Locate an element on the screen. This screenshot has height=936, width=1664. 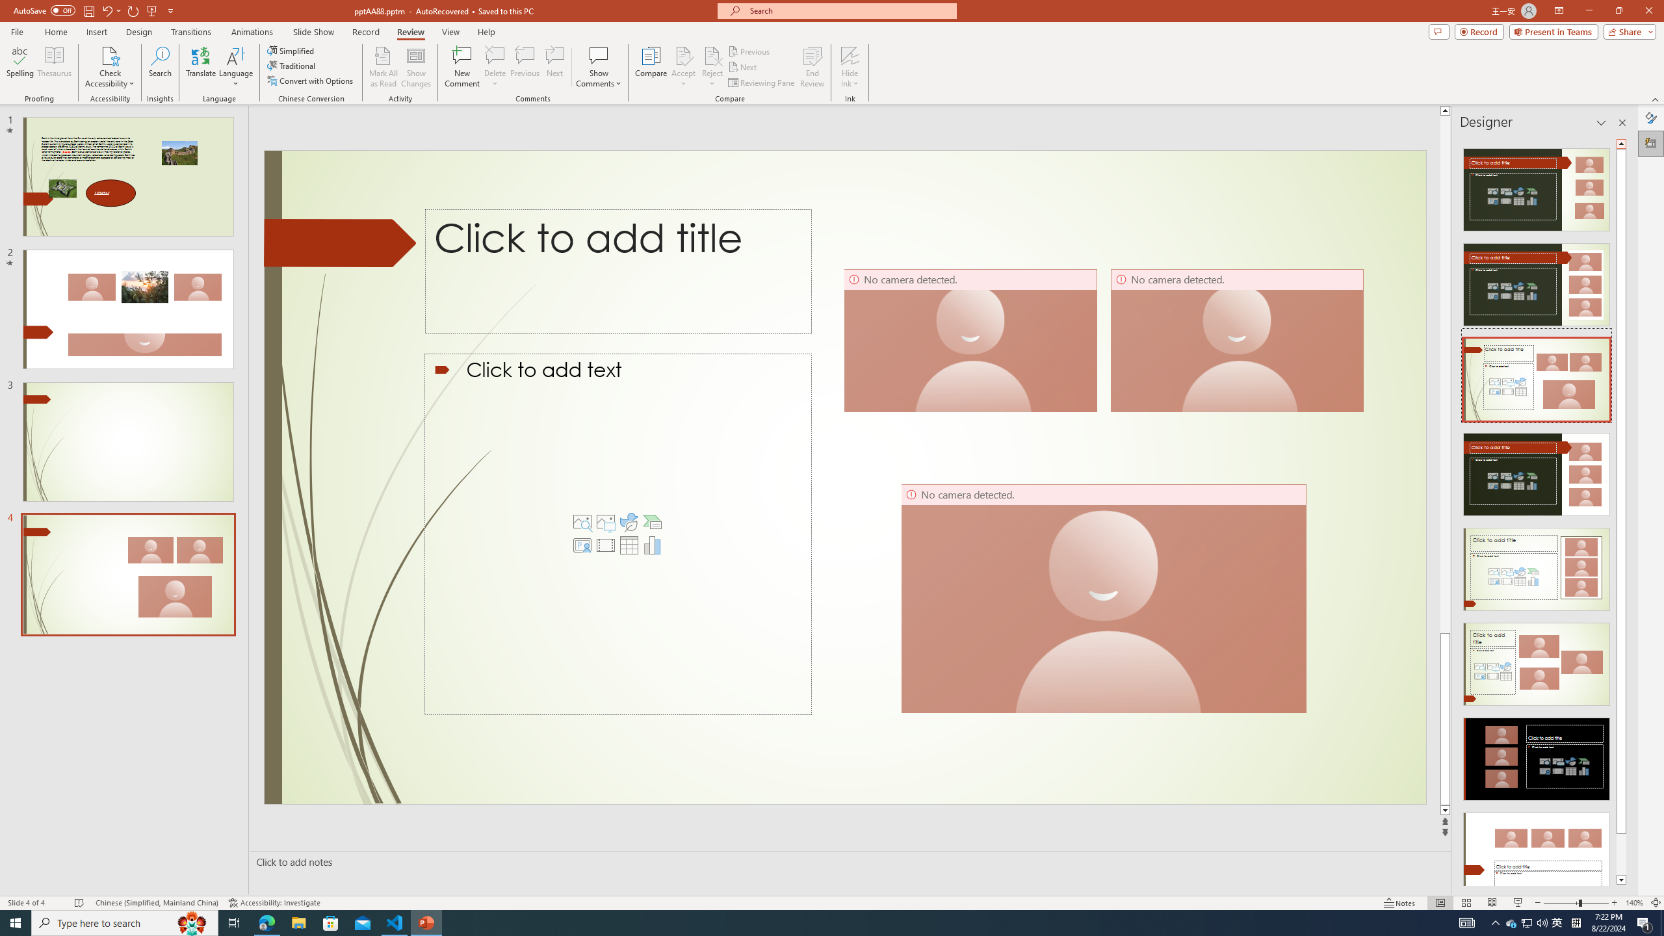
'Format Background' is located at coordinates (1650, 117).